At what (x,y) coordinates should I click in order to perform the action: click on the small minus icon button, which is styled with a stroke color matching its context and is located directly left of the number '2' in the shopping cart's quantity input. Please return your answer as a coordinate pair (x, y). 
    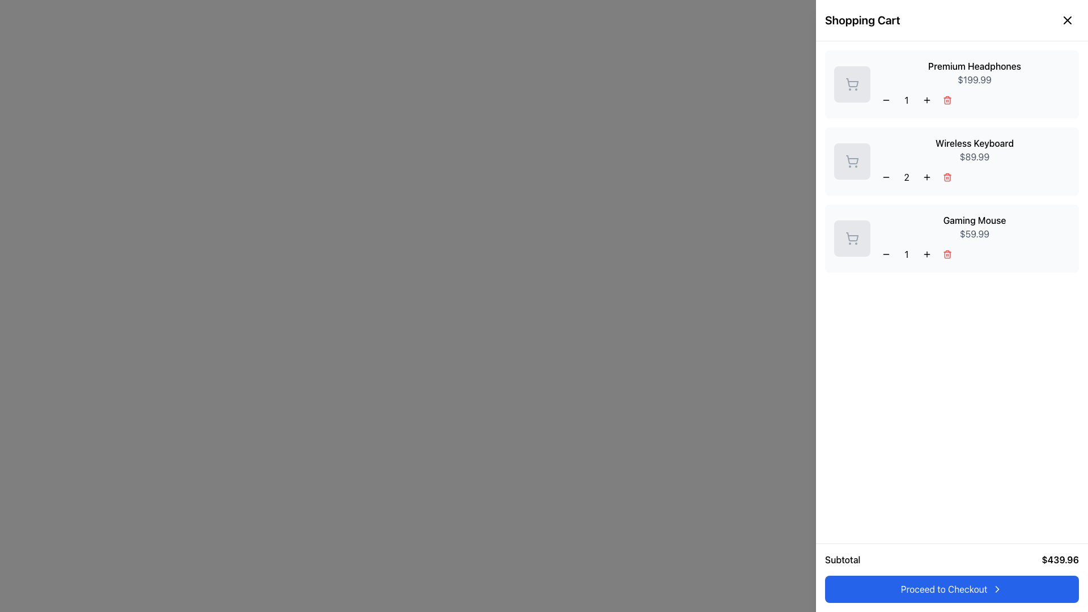
    Looking at the image, I should click on (886, 177).